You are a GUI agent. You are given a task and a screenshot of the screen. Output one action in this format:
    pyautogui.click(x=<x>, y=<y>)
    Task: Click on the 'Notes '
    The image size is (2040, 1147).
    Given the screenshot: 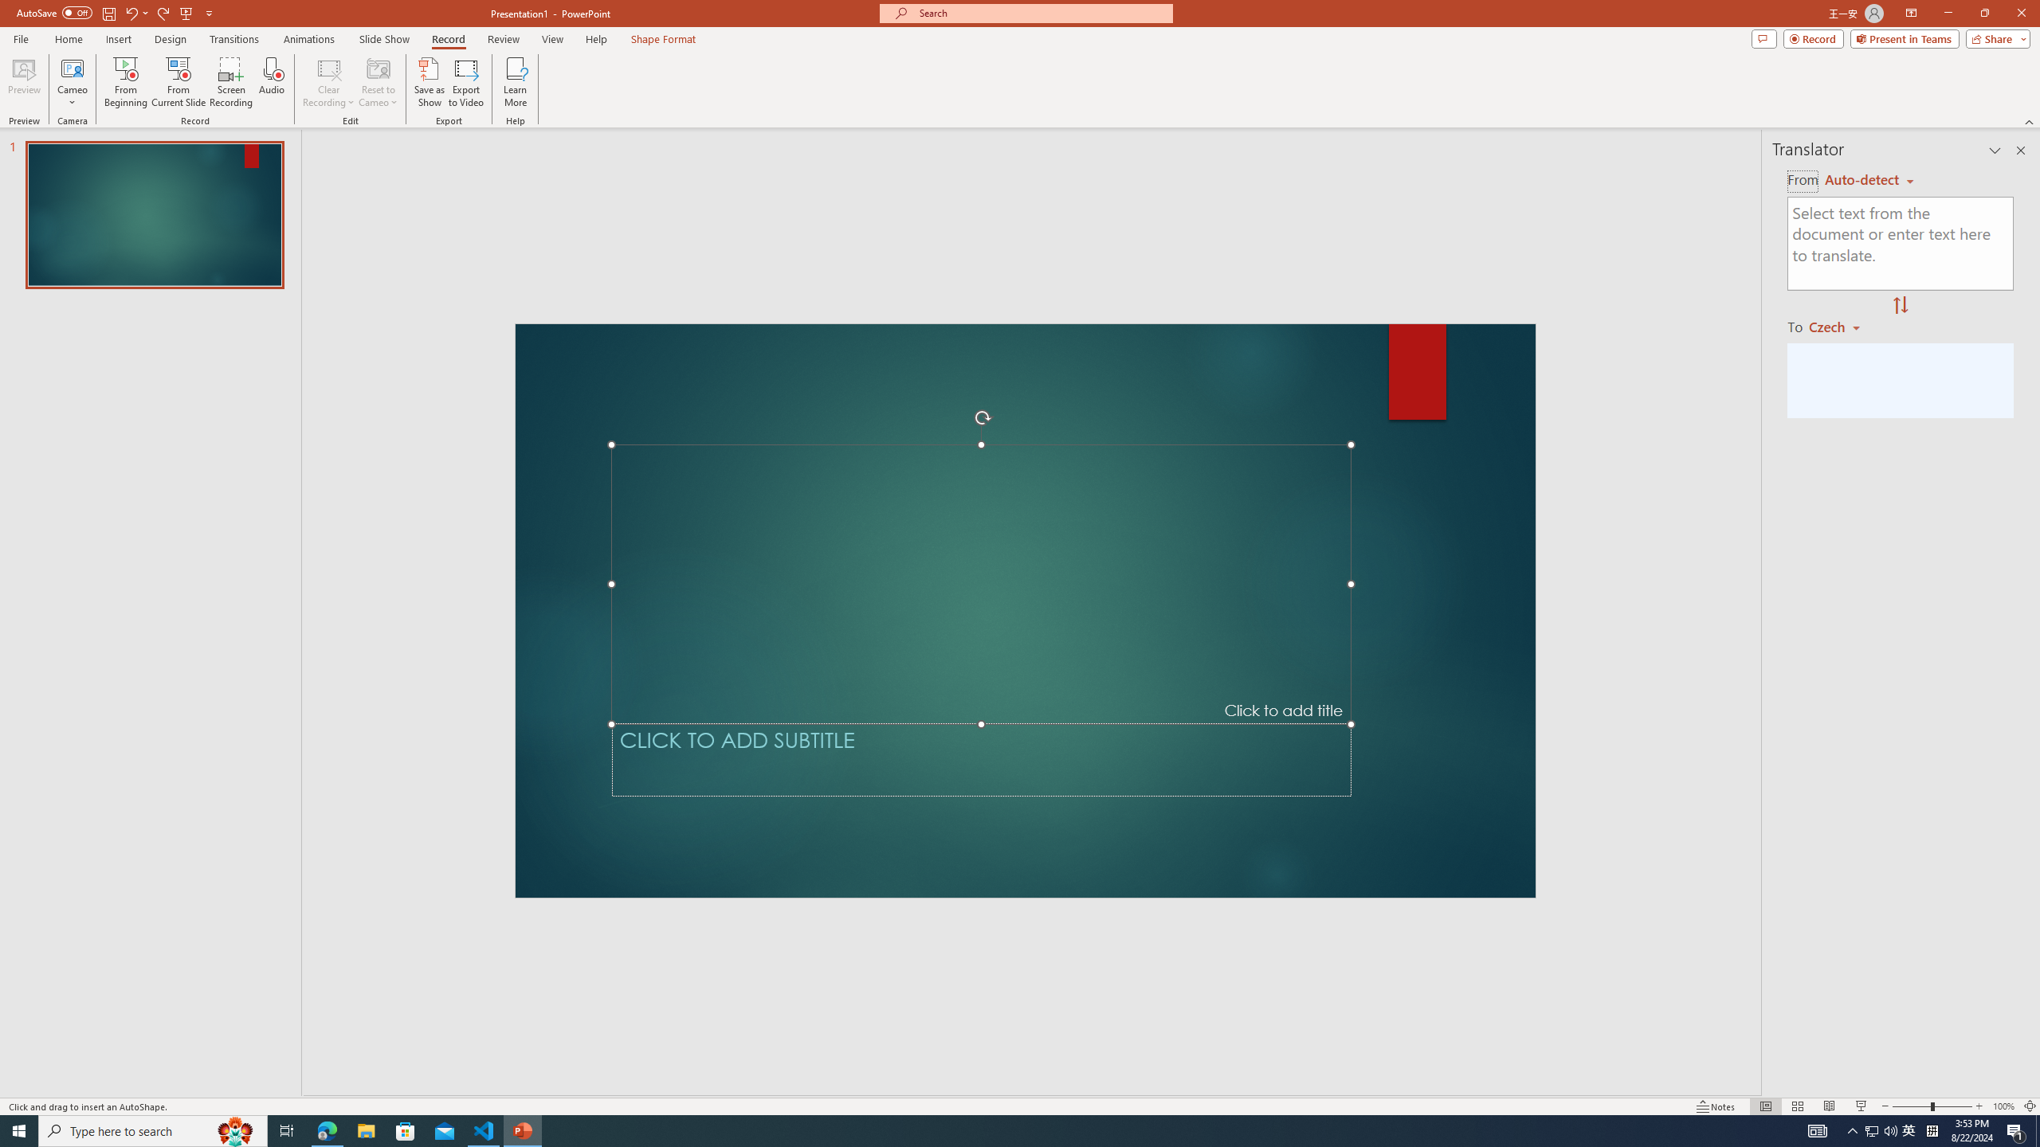 What is the action you would take?
    pyautogui.click(x=1716, y=1106)
    